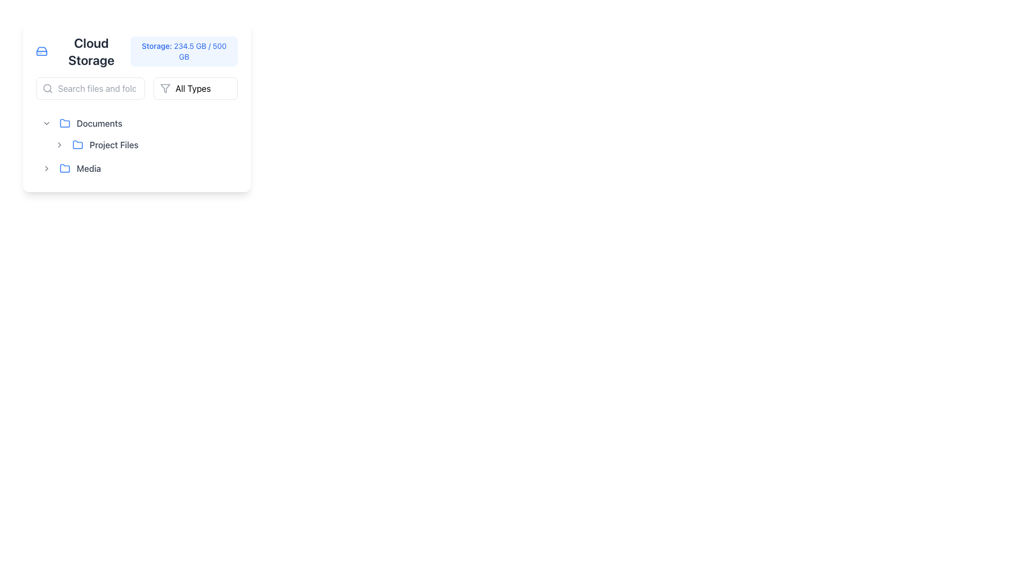 Image resolution: width=1031 pixels, height=580 pixels. What do you see at coordinates (95, 123) in the screenshot?
I see `the 'Documents' label located in the left-hand sidebar under the 'Cloud Storage' section` at bounding box center [95, 123].